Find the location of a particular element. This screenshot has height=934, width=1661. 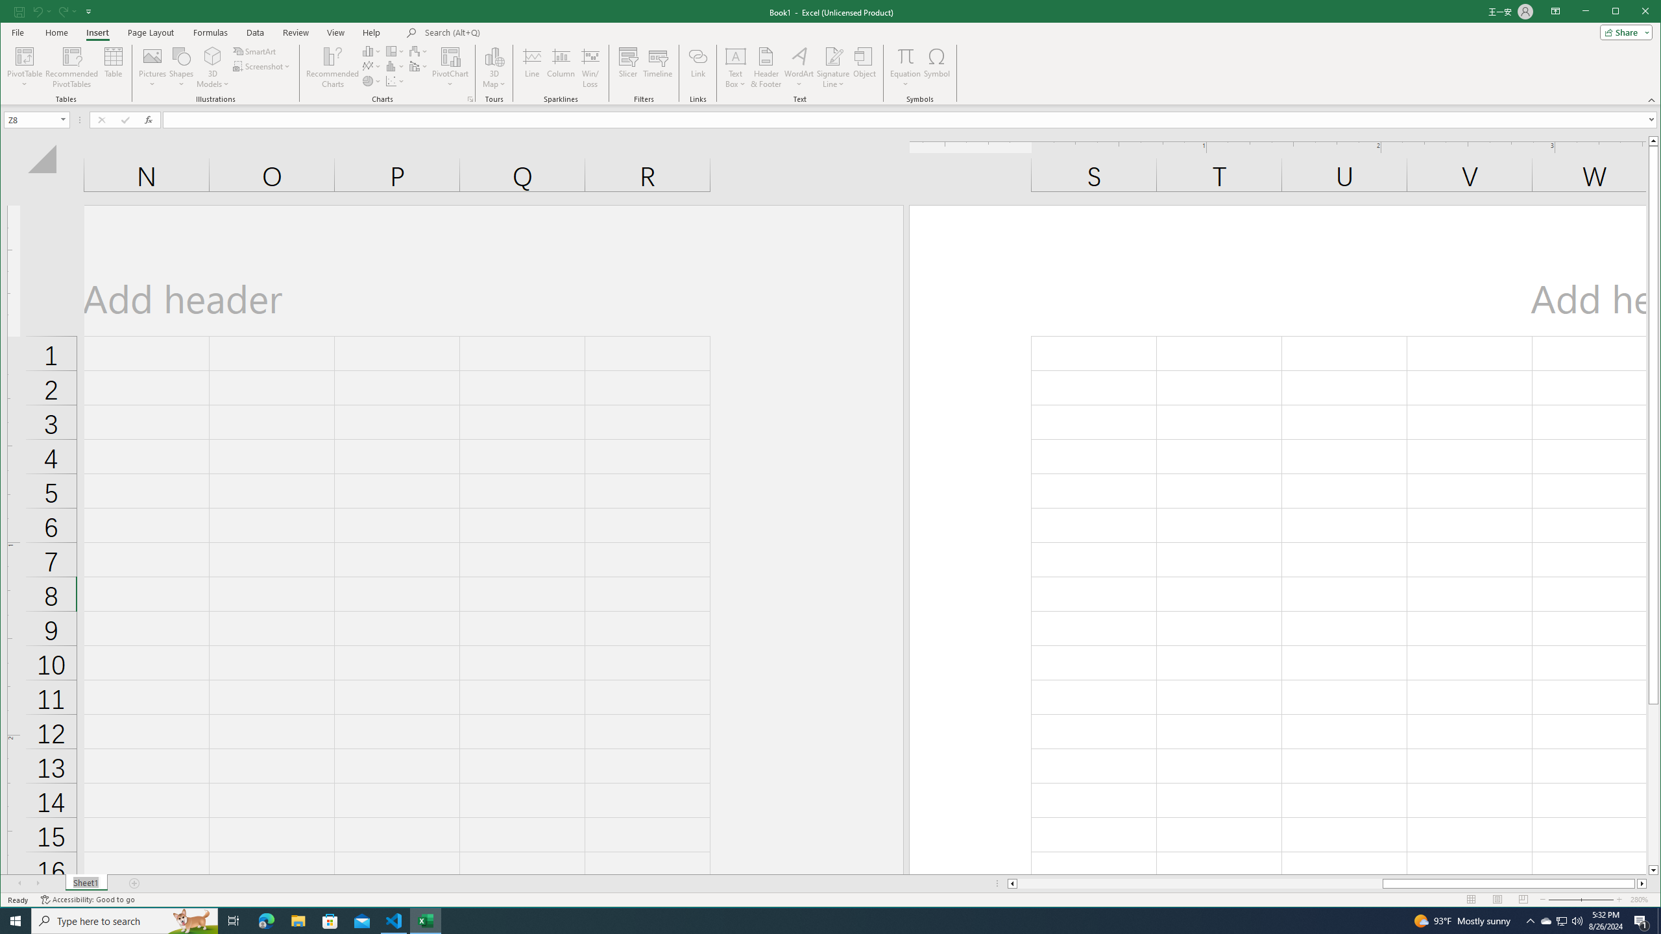

'Quick Access Toolbar' is located at coordinates (53, 12).